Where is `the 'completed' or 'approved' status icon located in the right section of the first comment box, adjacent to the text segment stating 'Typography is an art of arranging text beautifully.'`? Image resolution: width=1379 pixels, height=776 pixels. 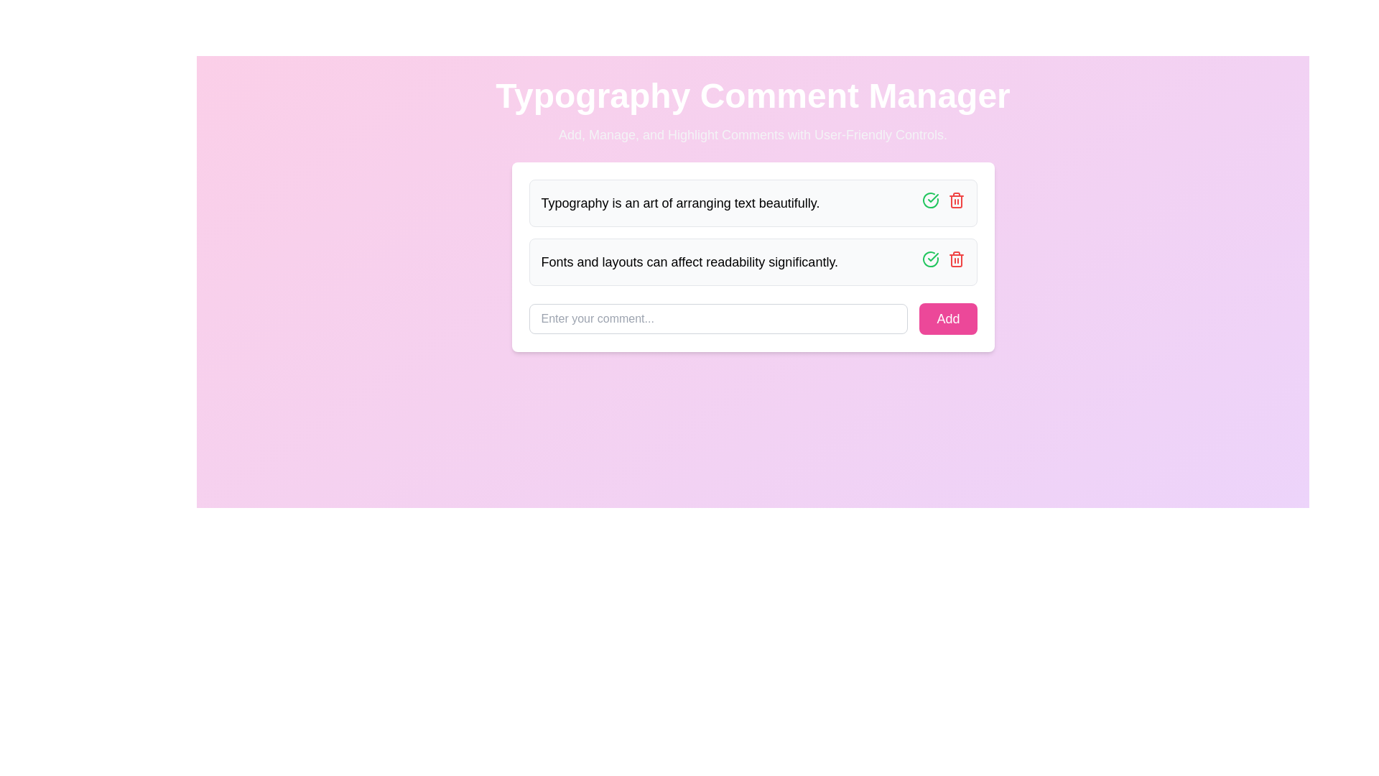 the 'completed' or 'approved' status icon located in the right section of the first comment box, adjacent to the text segment stating 'Typography is an art of arranging text beautifully.' is located at coordinates (930, 259).